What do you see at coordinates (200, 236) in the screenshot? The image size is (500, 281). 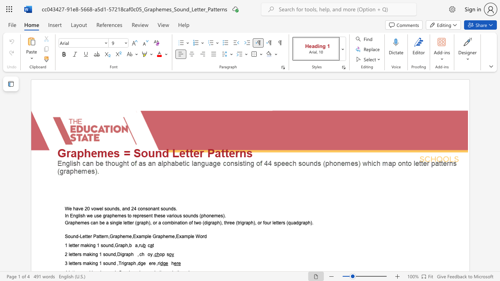 I see `the subset text "or" within the text "Sound-Letter Pattern,Grapheme,Example Grapheme,Example Word"` at bounding box center [200, 236].